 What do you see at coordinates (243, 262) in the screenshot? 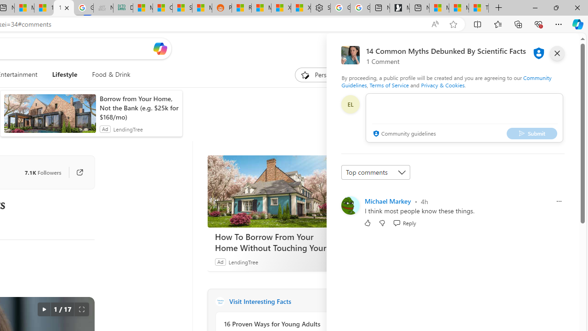
I see `'LendingTree'` at bounding box center [243, 262].